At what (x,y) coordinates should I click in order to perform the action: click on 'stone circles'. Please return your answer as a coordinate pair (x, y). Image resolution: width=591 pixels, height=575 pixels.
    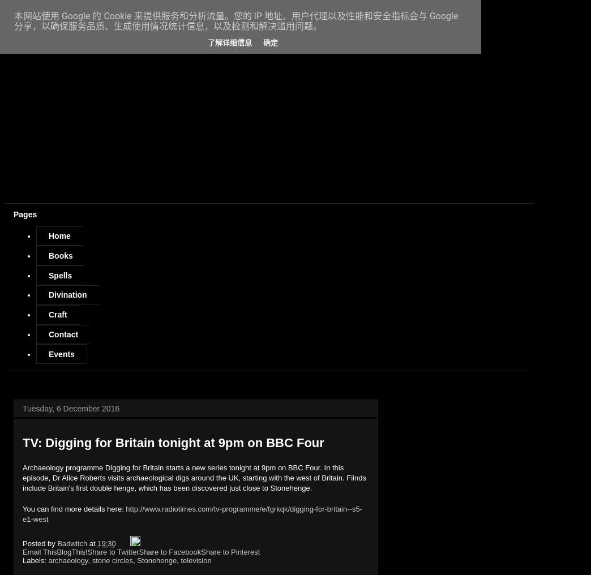
    Looking at the image, I should click on (91, 560).